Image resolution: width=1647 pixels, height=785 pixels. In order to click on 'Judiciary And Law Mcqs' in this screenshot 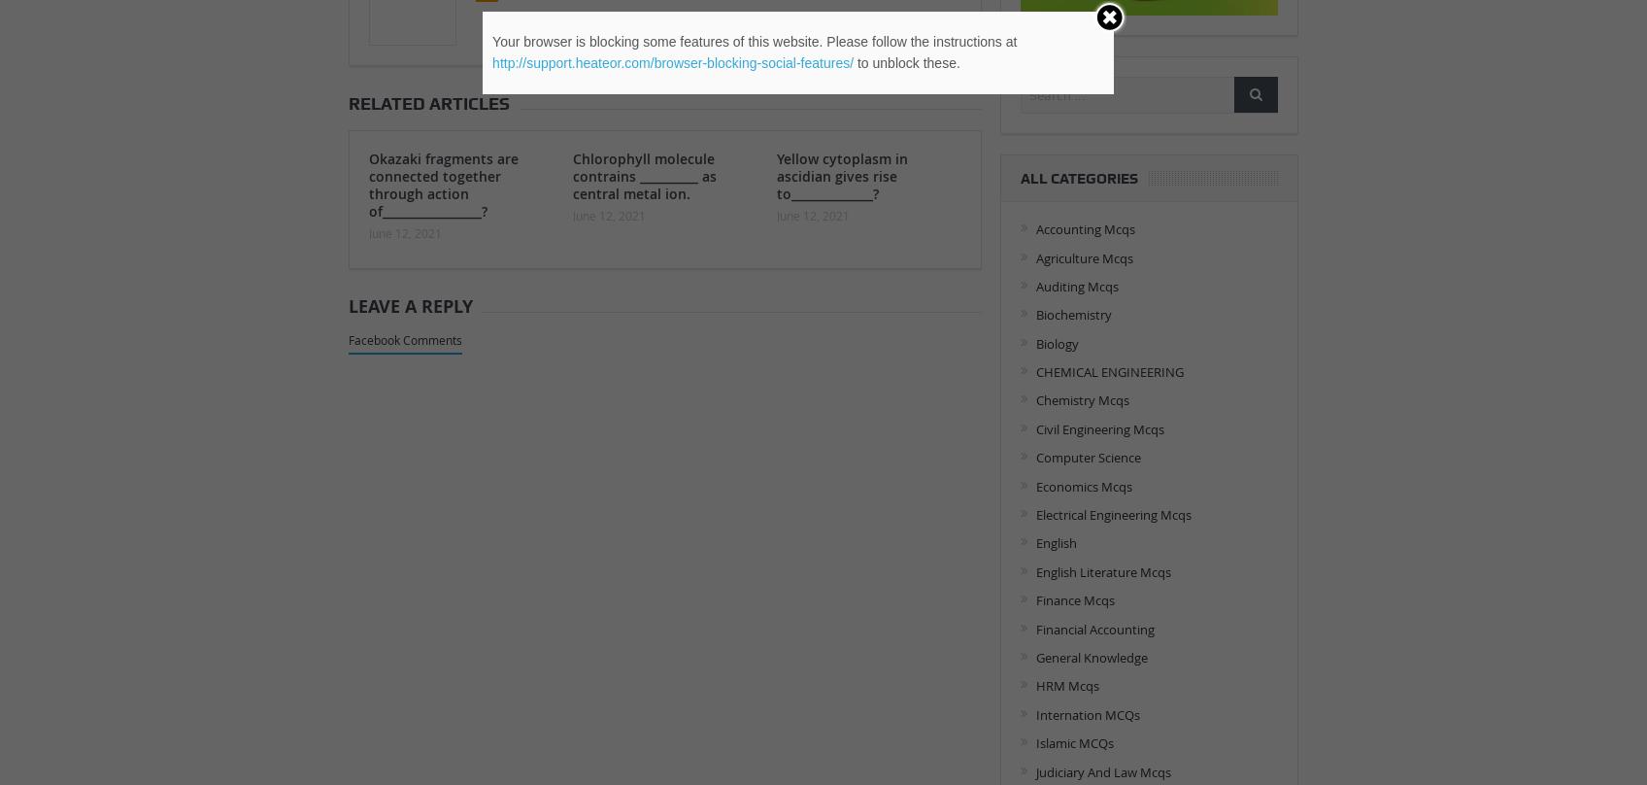, I will do `click(1034, 770)`.